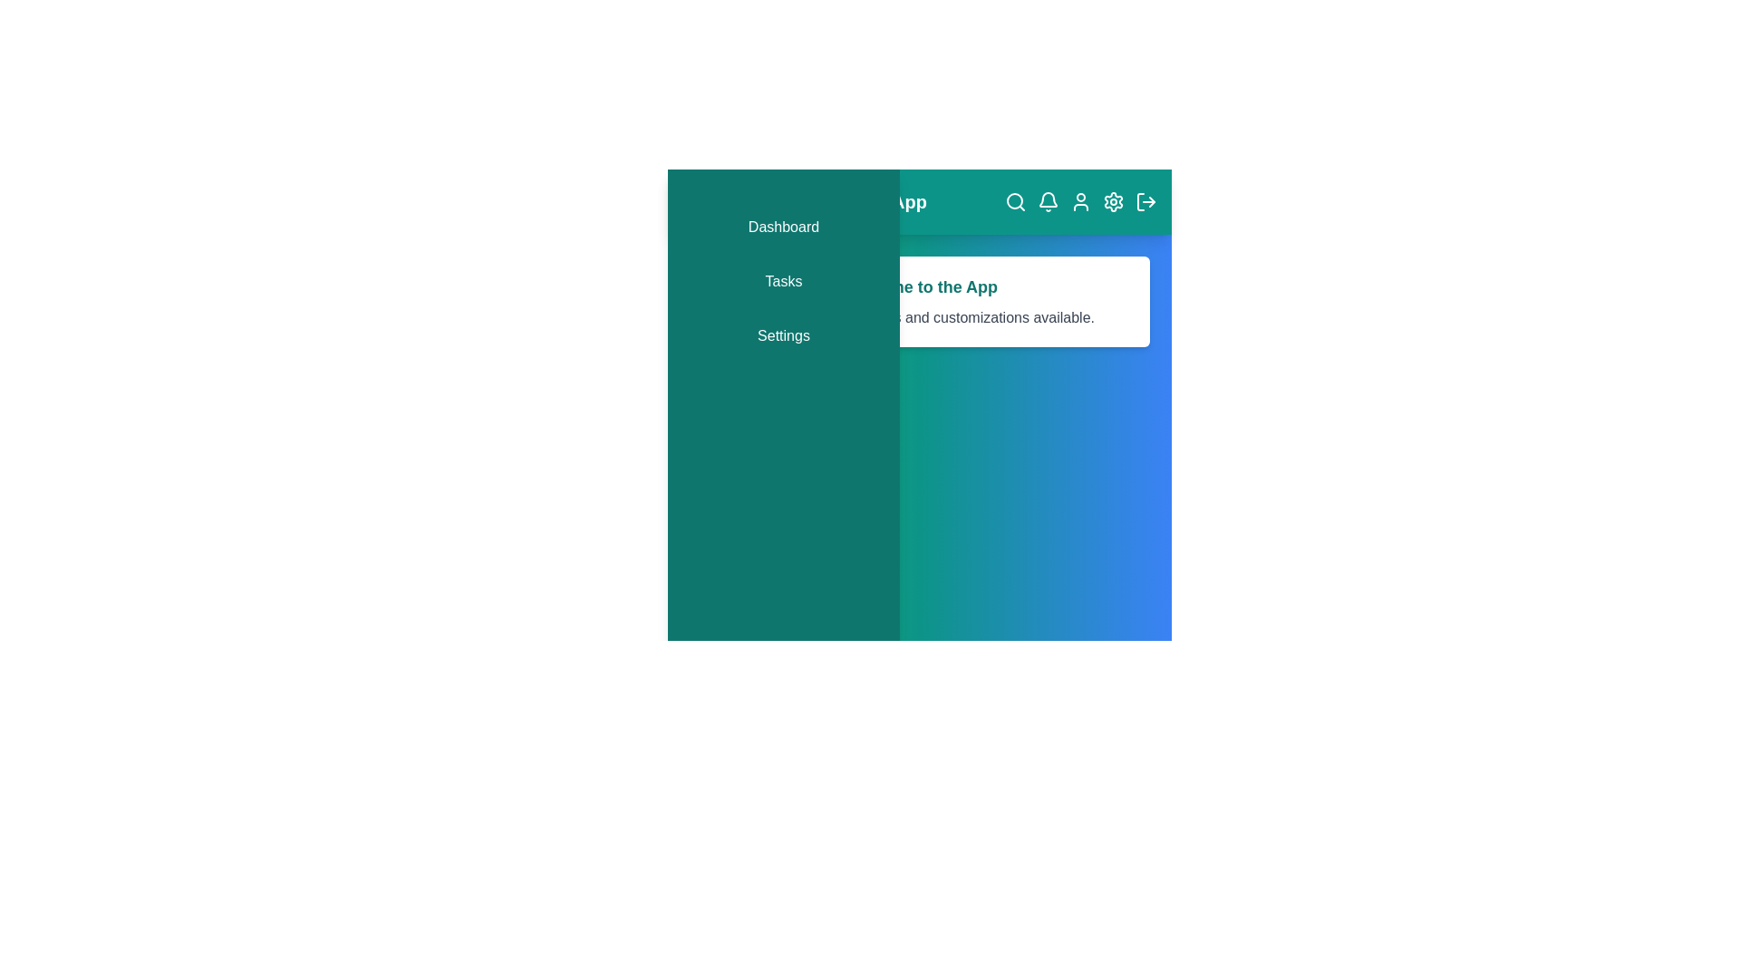 The width and height of the screenshot is (1740, 979). What do you see at coordinates (699, 202) in the screenshot?
I see `the menu button to toggle the menu visibility` at bounding box center [699, 202].